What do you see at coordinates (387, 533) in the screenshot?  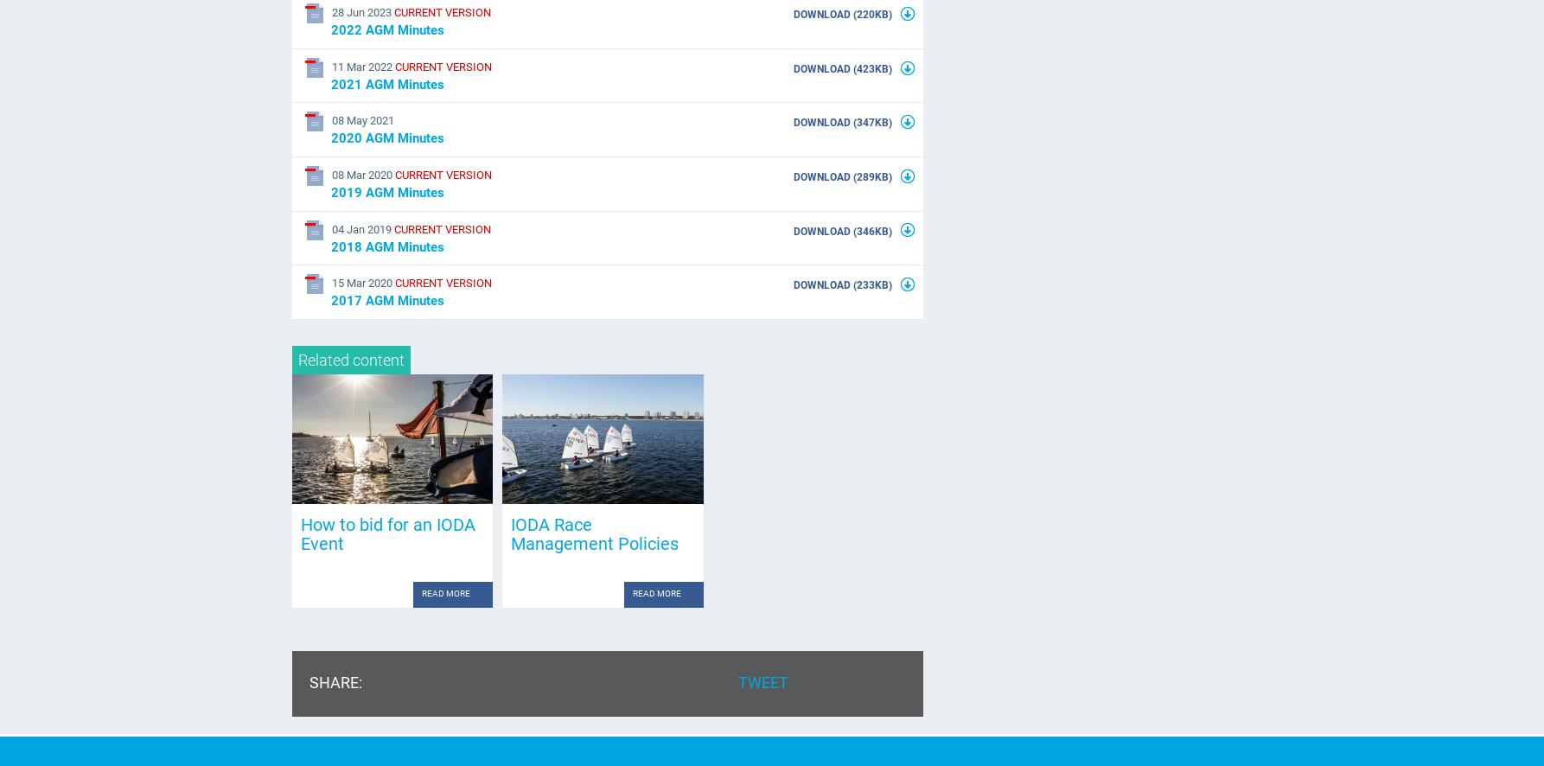 I see `'How to bid for an IODA Event'` at bounding box center [387, 533].